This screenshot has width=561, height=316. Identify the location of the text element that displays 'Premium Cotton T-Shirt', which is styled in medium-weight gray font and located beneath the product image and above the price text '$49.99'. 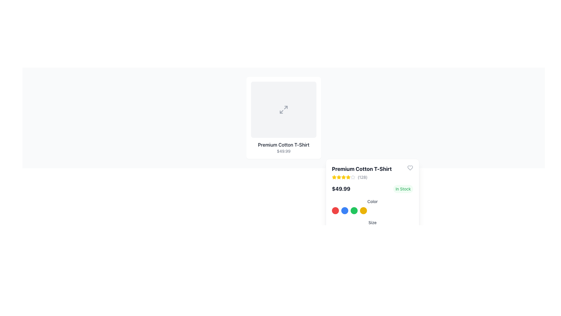
(283, 145).